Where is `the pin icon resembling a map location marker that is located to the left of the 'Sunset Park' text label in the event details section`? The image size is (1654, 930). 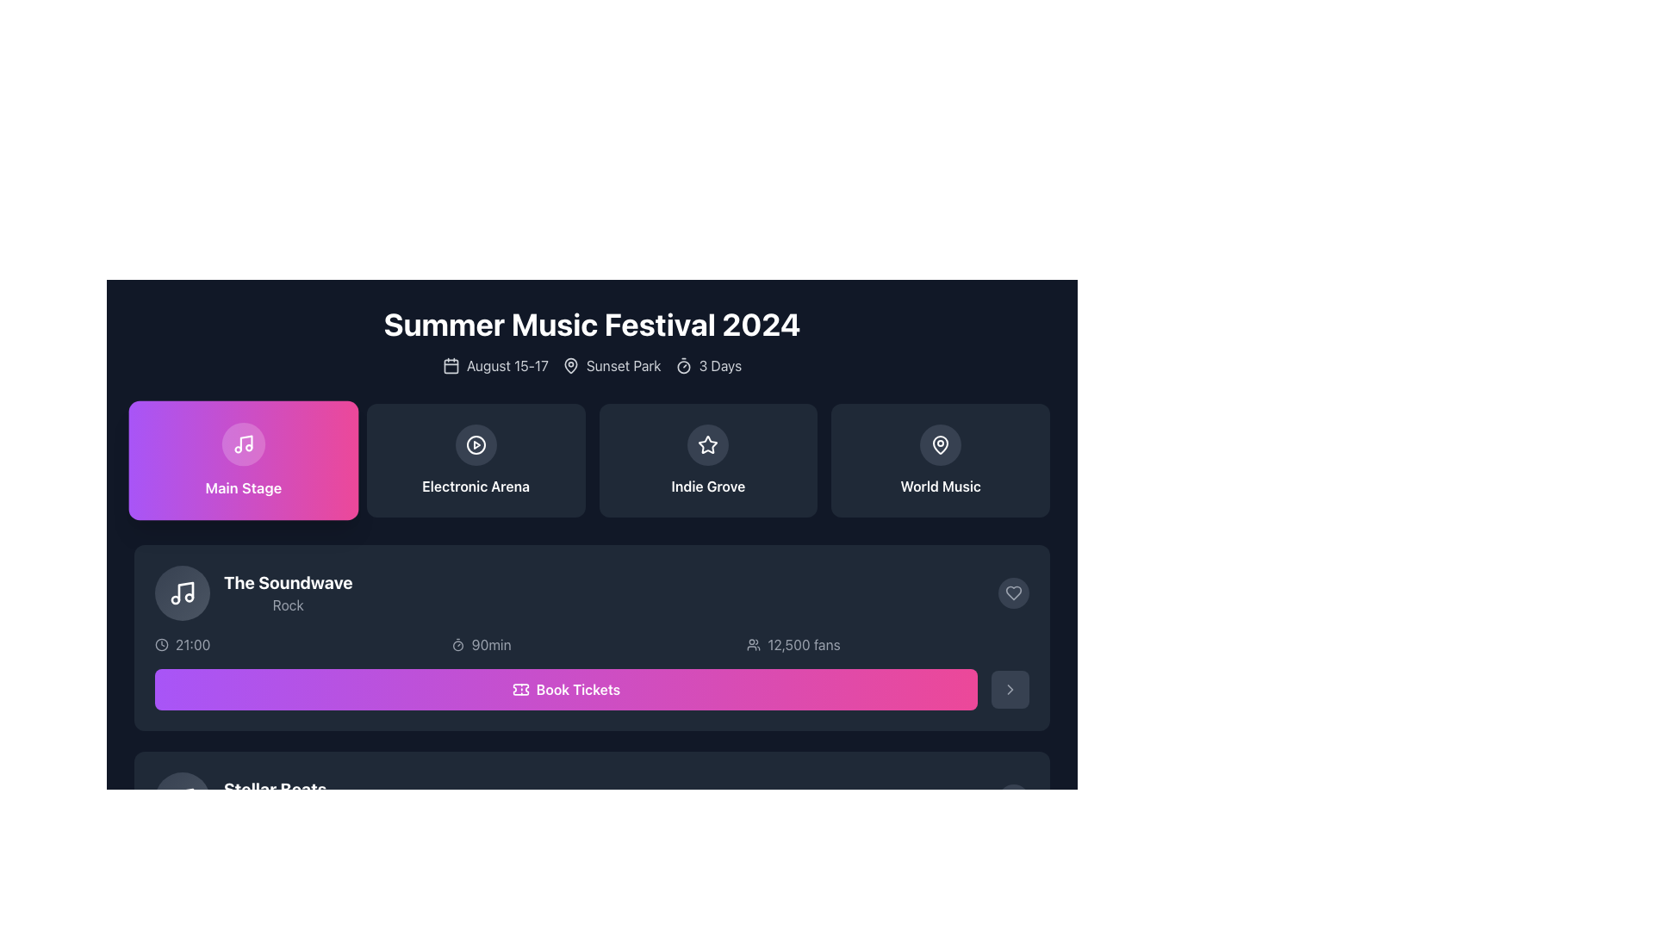
the pin icon resembling a map location marker that is located to the left of the 'Sunset Park' text label in the event details section is located at coordinates (570, 364).